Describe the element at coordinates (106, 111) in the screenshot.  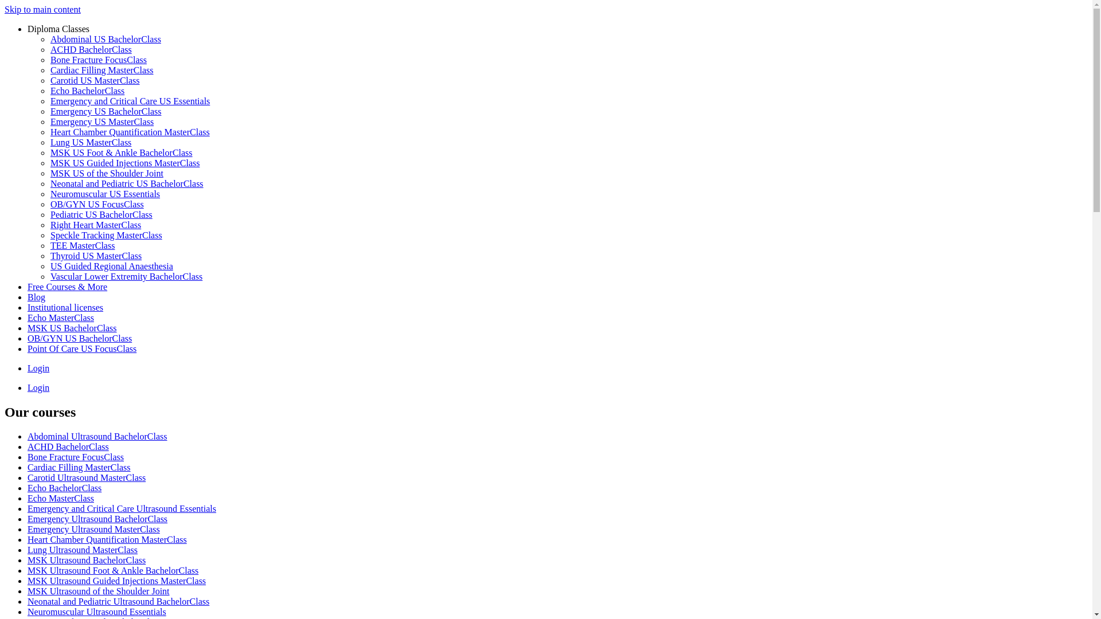
I see `'Emergency US BachelorClass'` at that location.